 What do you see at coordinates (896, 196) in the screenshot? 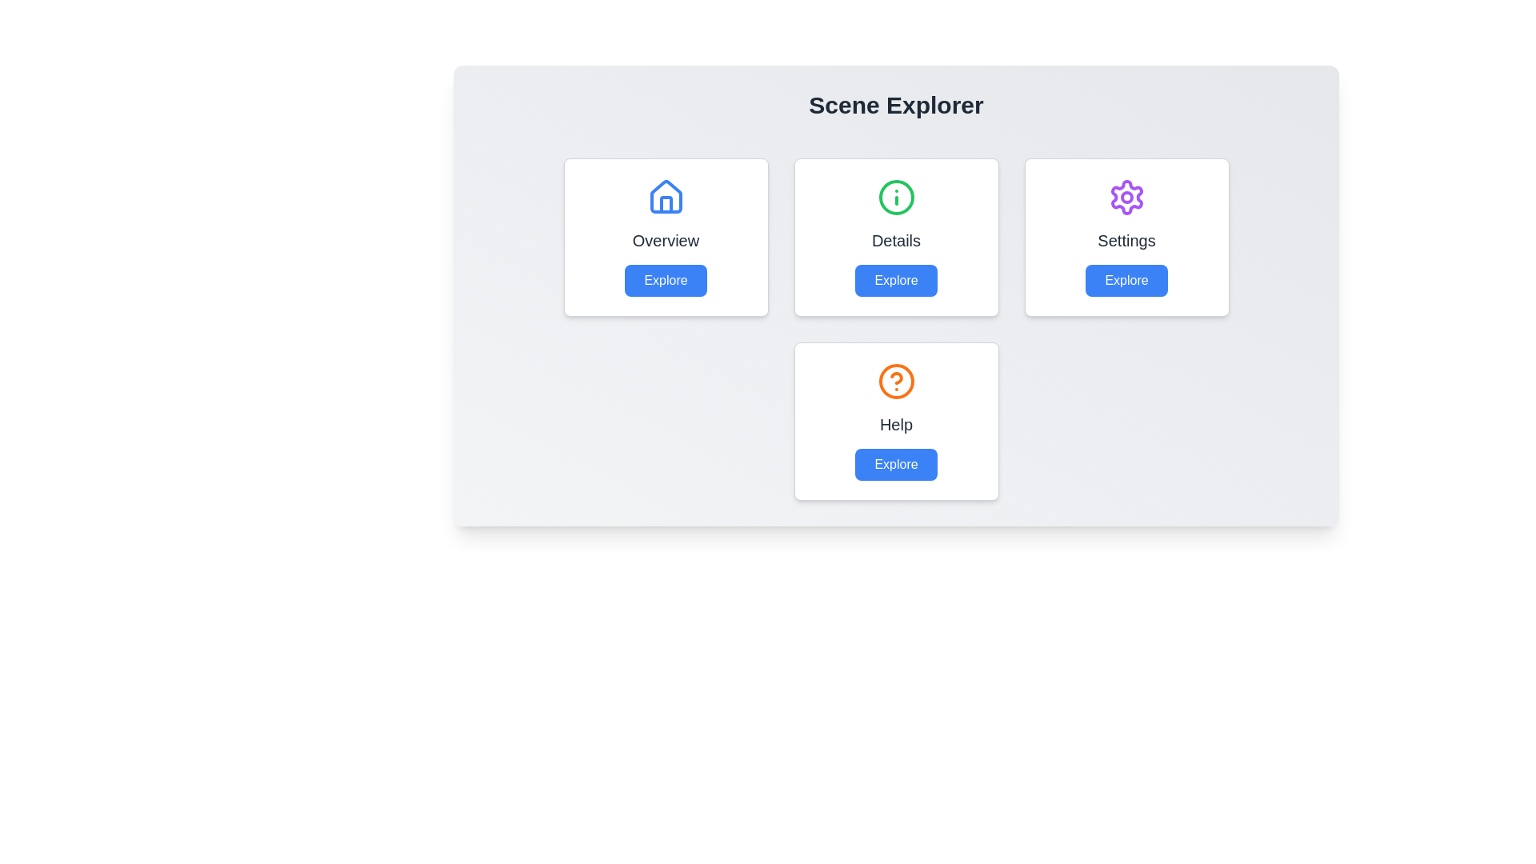
I see `the circular icon with a green border and an information symbol ('i') inside it, located at the top center of the layout interface within the 'Details' card` at bounding box center [896, 196].